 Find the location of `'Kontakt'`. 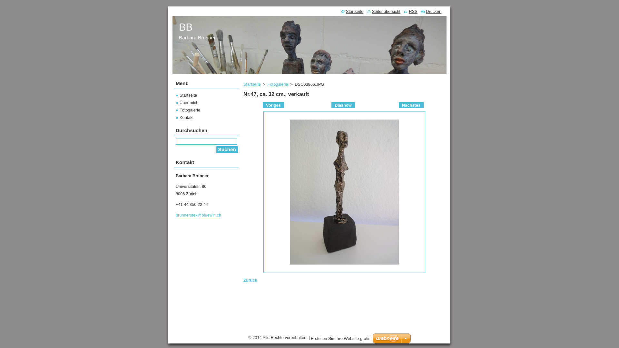

'Kontakt' is located at coordinates (176, 117).